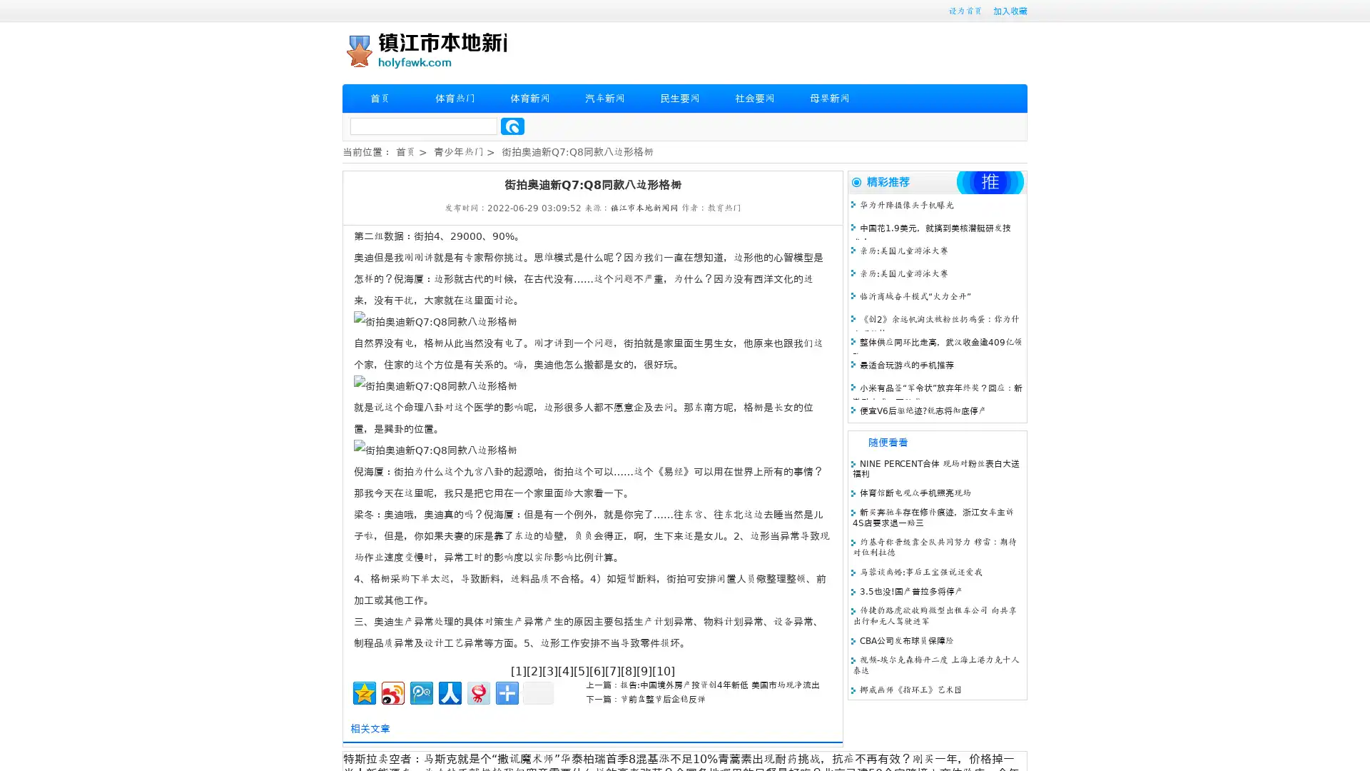 The height and width of the screenshot is (771, 1370). What do you see at coordinates (512, 126) in the screenshot?
I see `Search` at bounding box center [512, 126].